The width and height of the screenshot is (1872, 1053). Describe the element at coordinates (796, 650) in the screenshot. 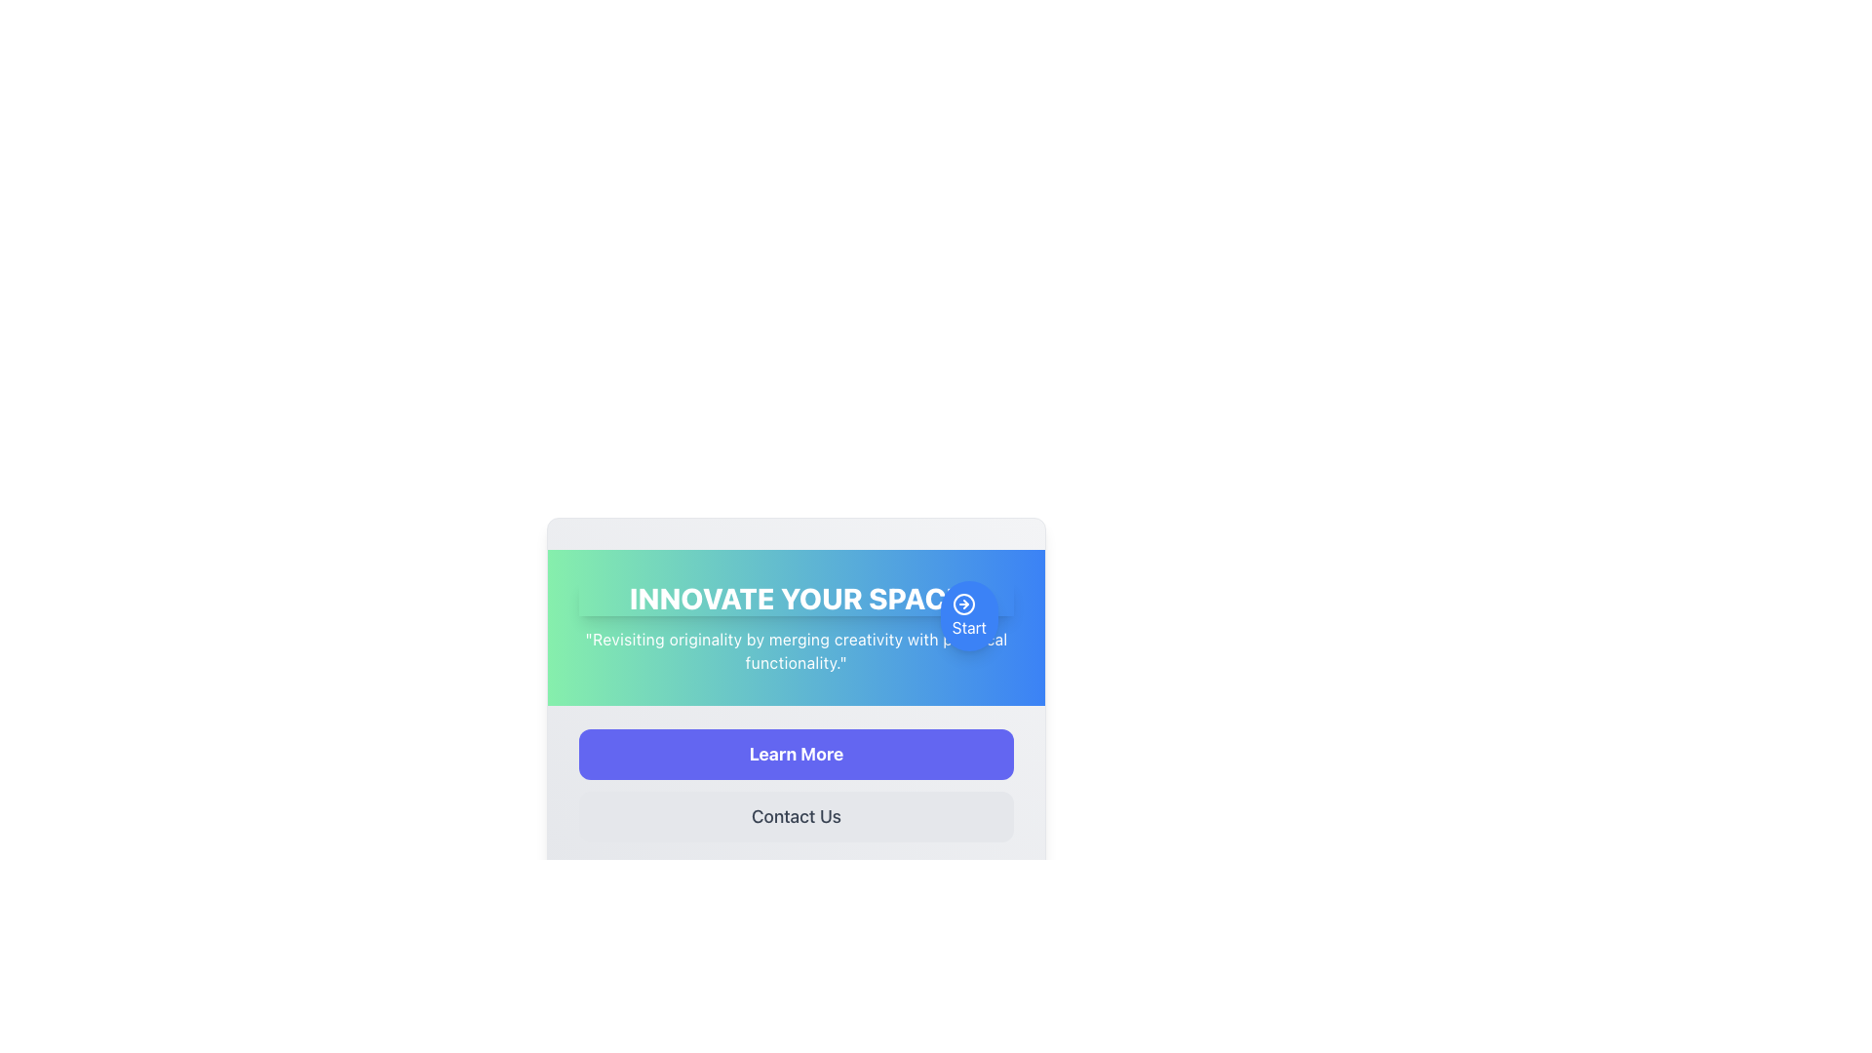

I see `the text element displaying the quote 'Revisiting originality by merging creativity with practical functionality.' which is centered below the header 'Innovate Your Space.'` at that location.